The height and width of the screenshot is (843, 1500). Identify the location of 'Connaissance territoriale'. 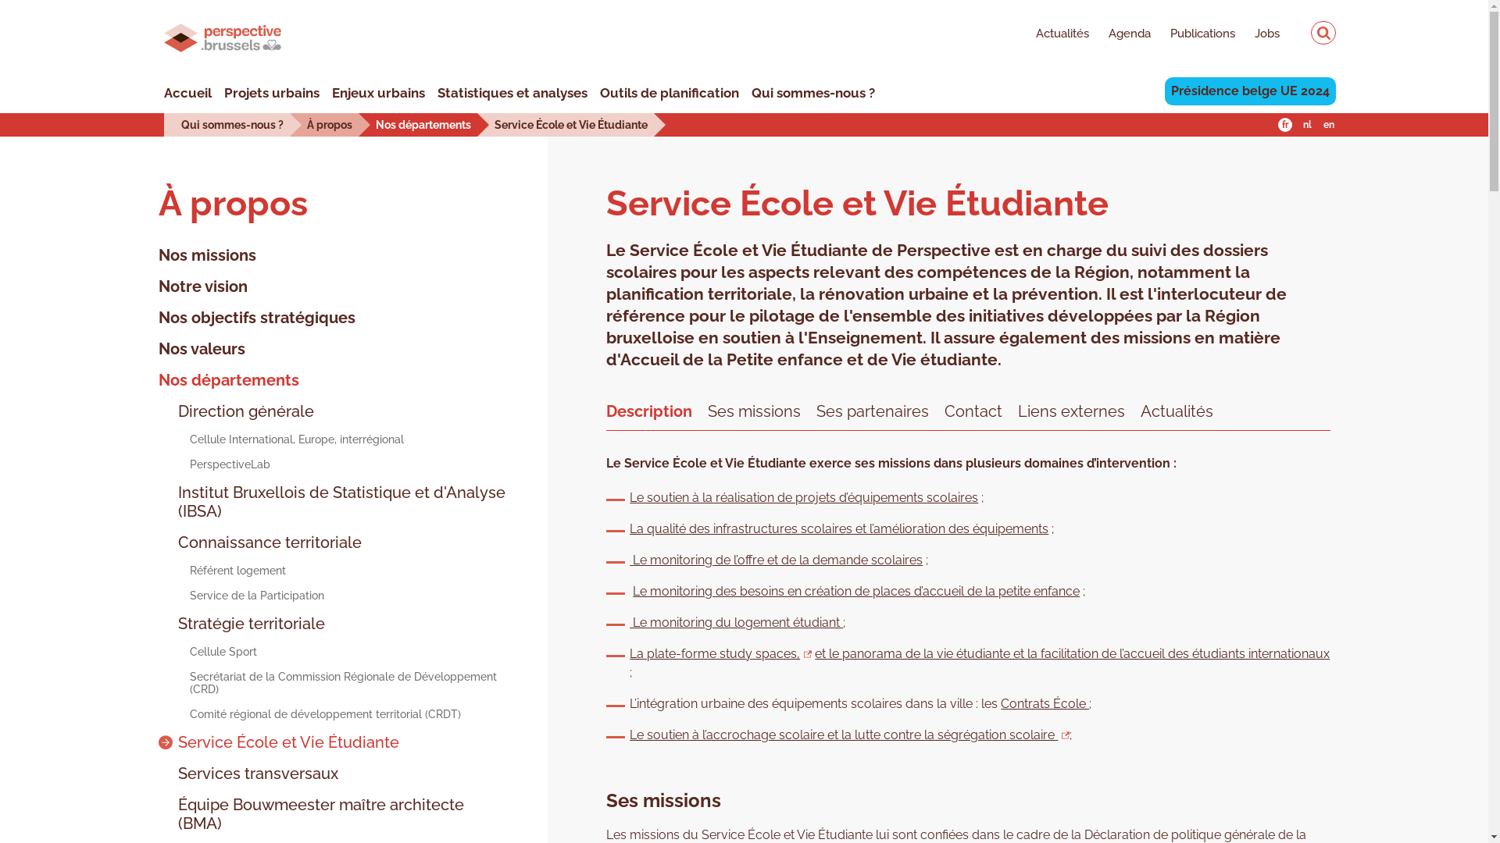
(259, 541).